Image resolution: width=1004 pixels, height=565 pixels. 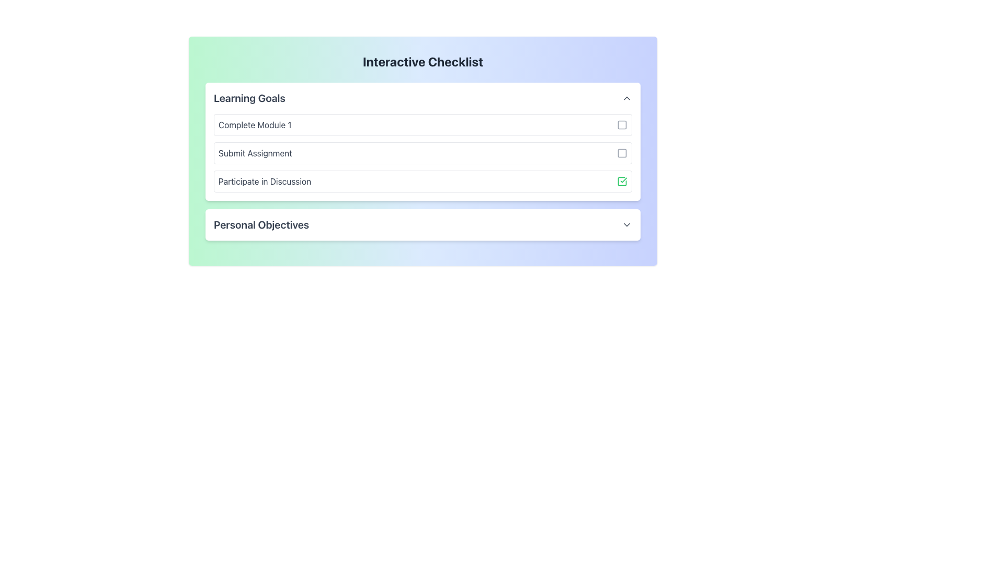 What do you see at coordinates (627, 224) in the screenshot?
I see `the downward chevron icon at the top-right corner of the 'Personal Objectives' section` at bounding box center [627, 224].